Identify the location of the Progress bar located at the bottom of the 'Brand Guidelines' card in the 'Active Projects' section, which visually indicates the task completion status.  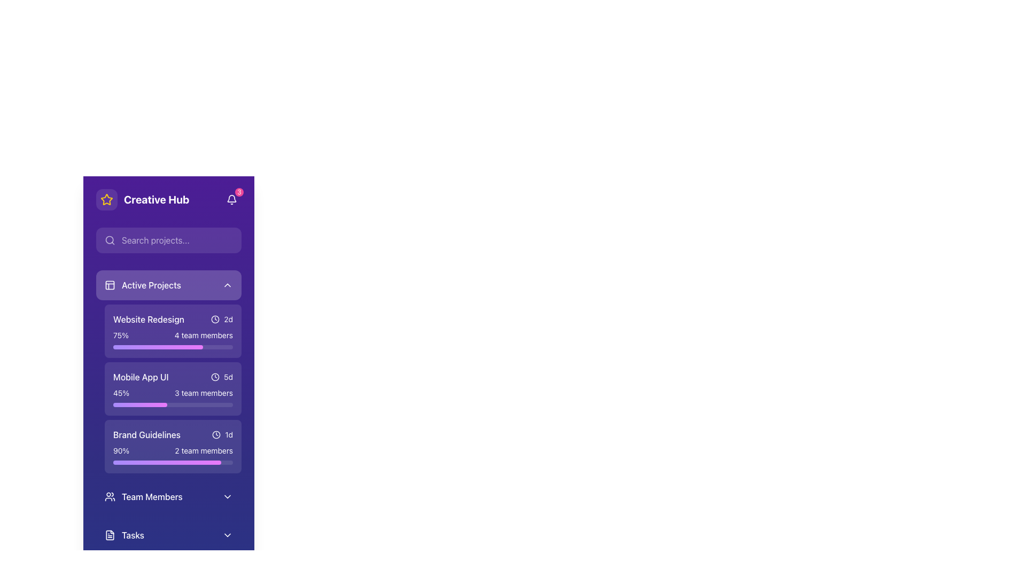
(173, 462).